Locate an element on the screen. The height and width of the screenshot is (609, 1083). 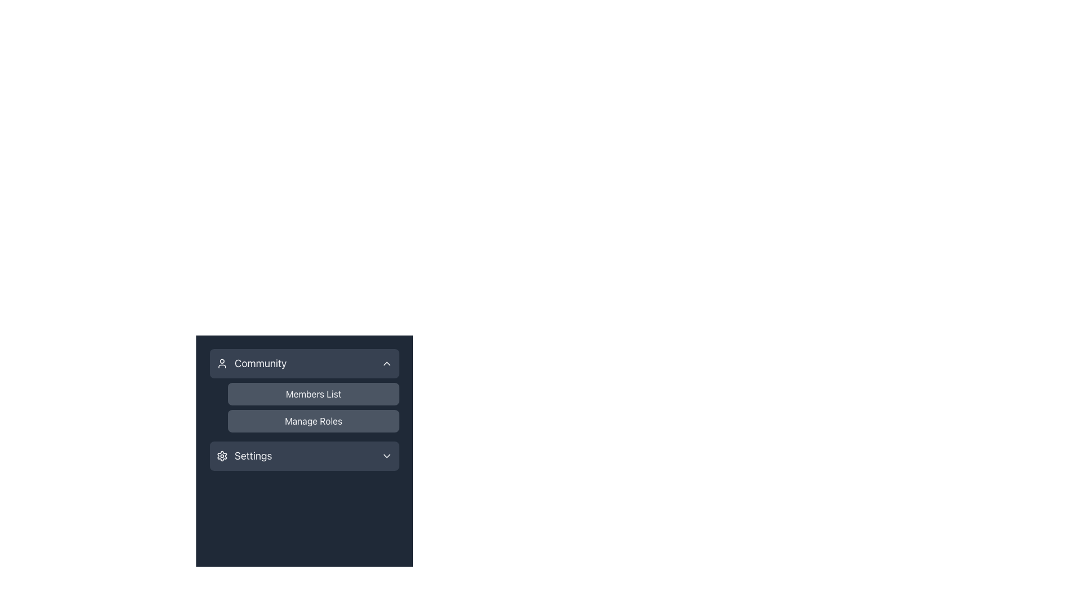
the cogwheel-shaped icon within the 'Settings' button located at the lower part of the menu is located at coordinates (222, 456).